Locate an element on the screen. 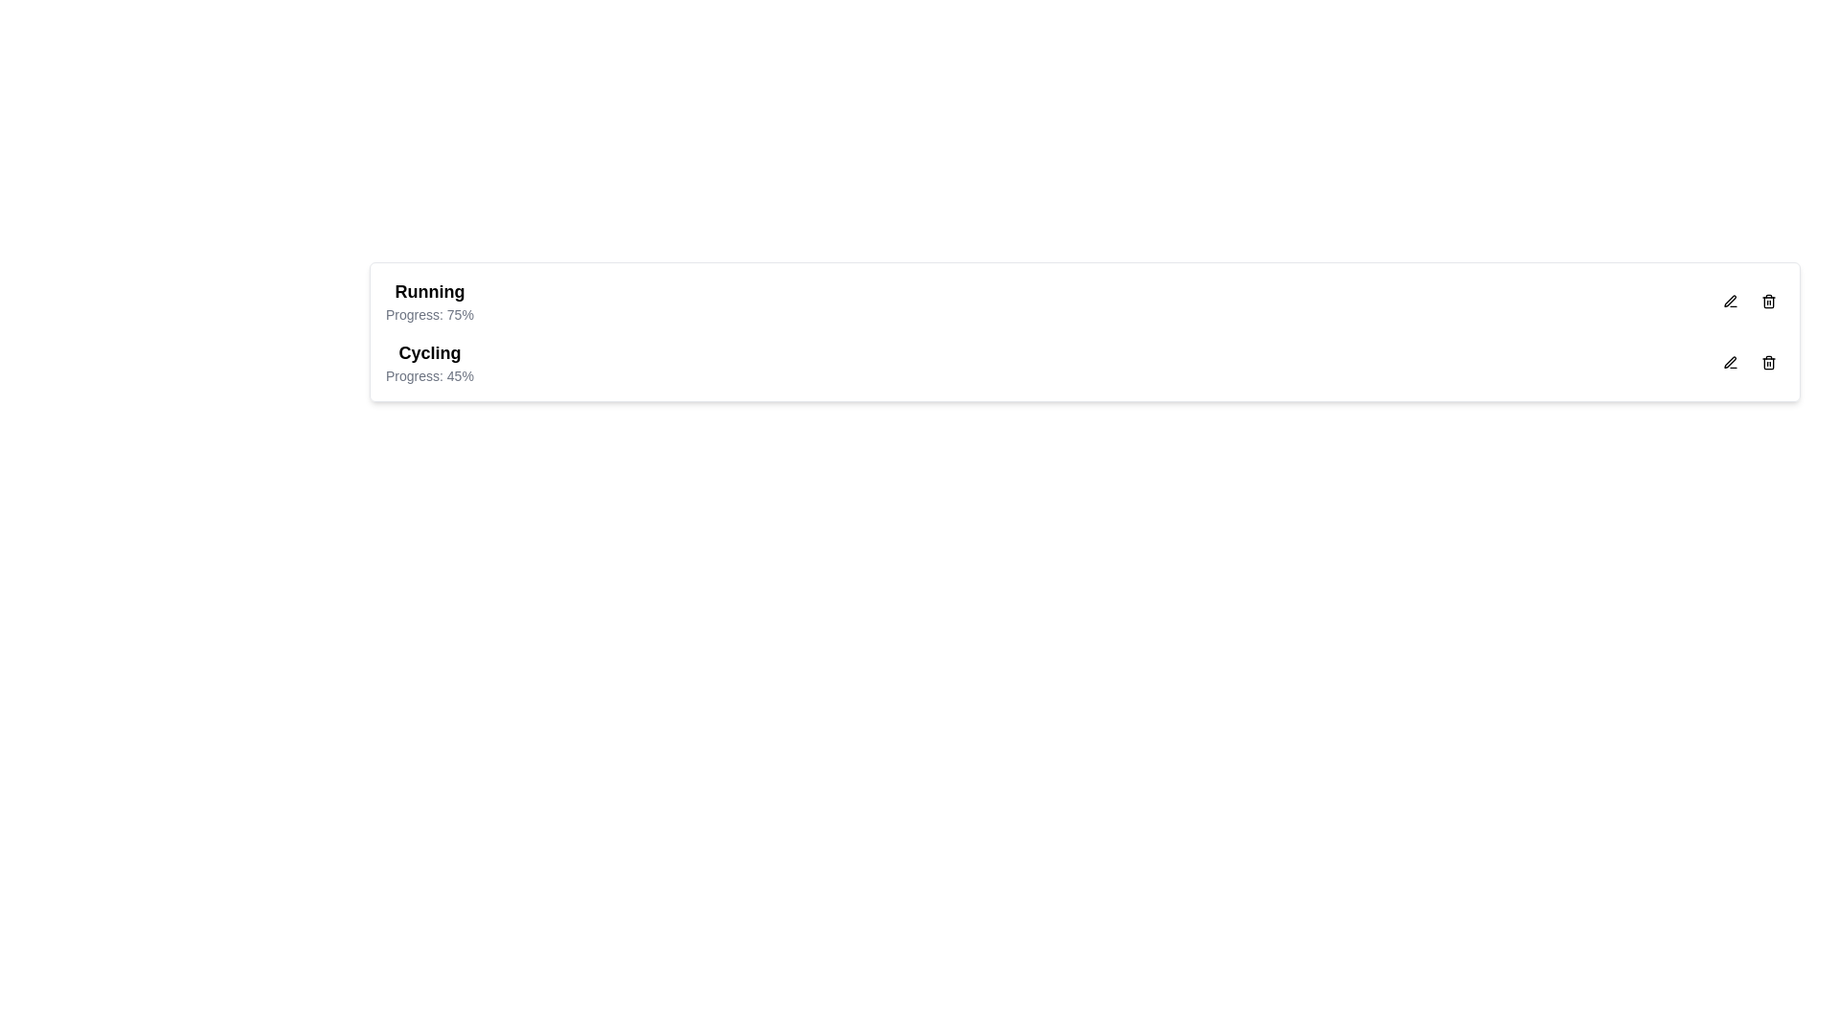 The image size is (1839, 1034). the edit button located in the action buttons section of the second list item, which is the leftmost icon before the trash bin icon, to initiate an edit action is located at coordinates (1730, 362).